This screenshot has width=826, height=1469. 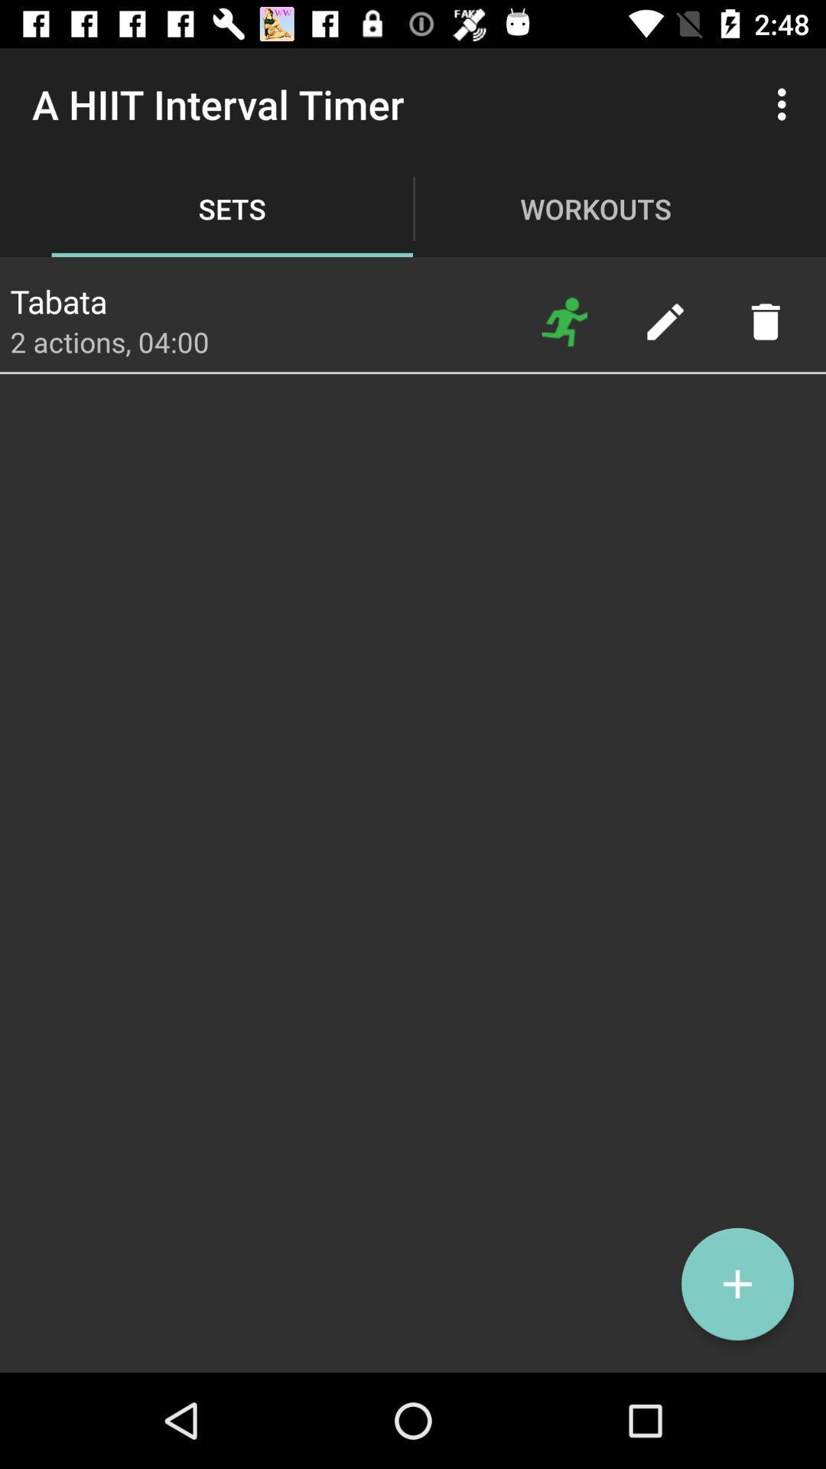 I want to click on the item at the bottom right corner, so click(x=737, y=1284).